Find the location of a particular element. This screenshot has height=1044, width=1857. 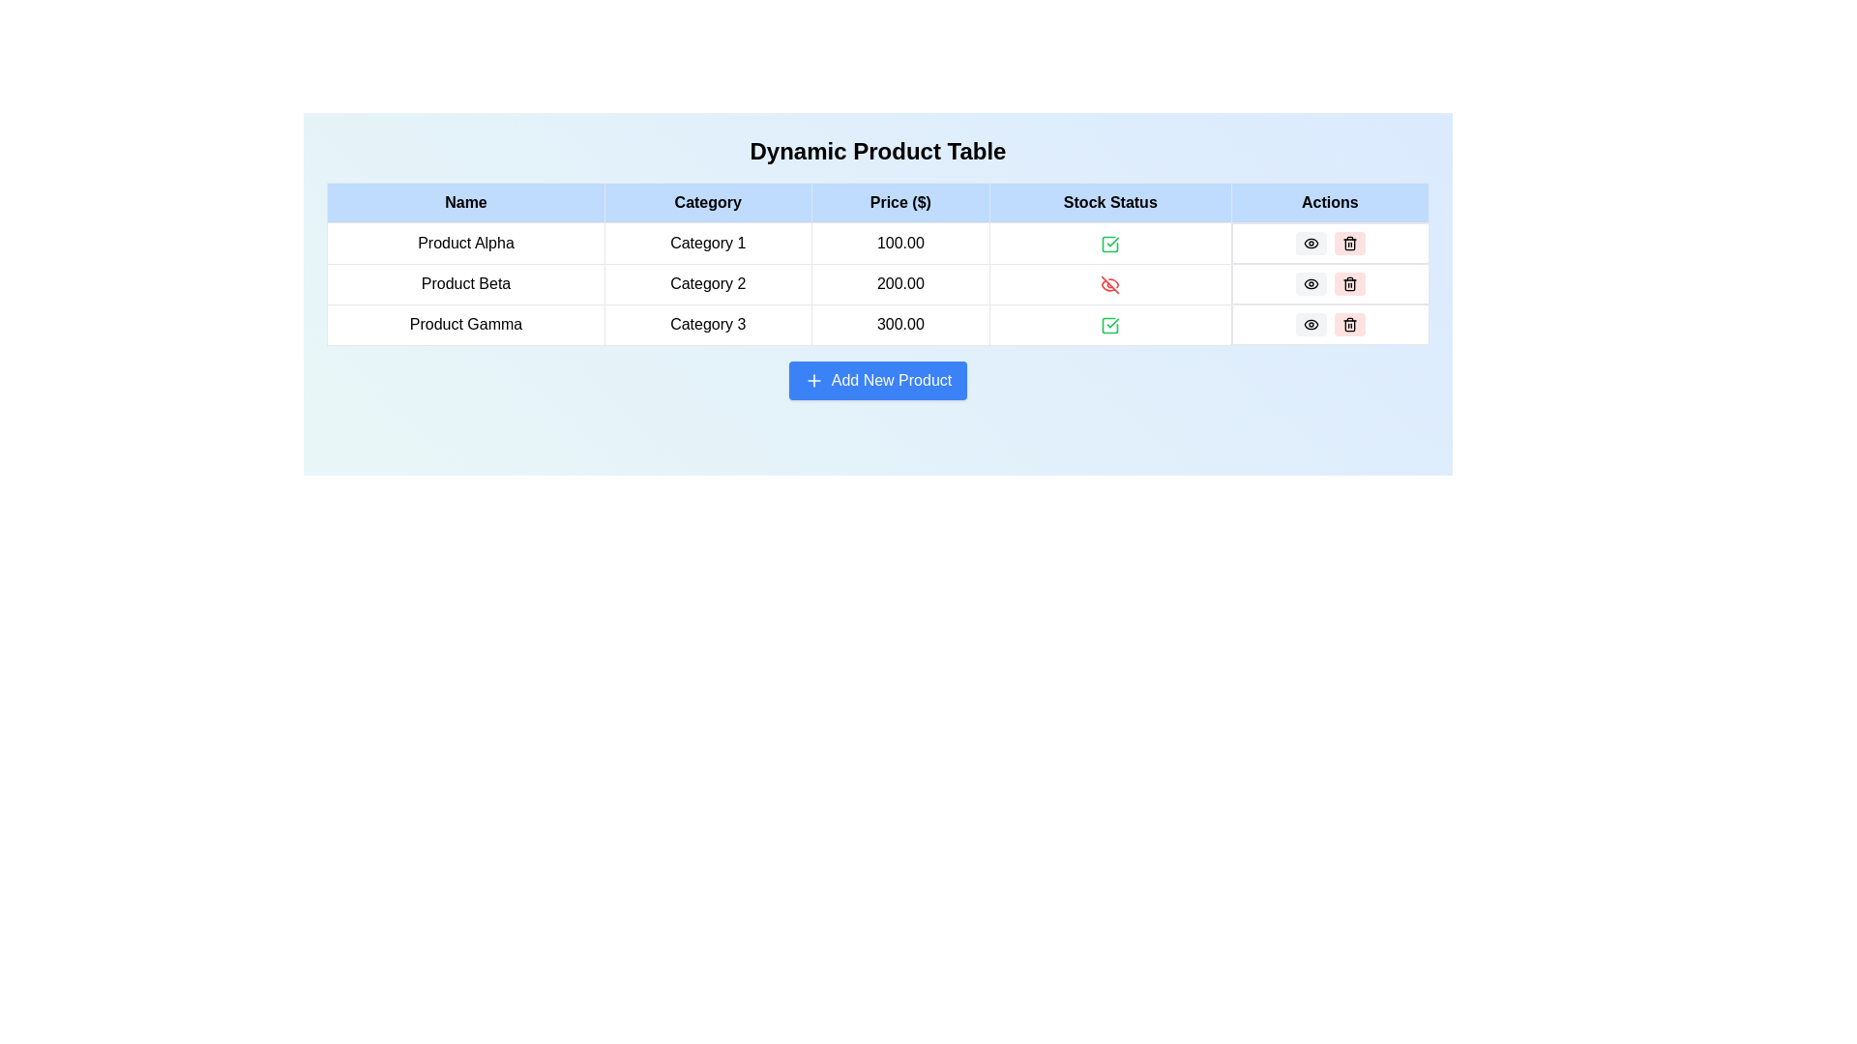

the text field representing the category classification for 'Product Beta' in the second column of the table layout is located at coordinates (707, 283).